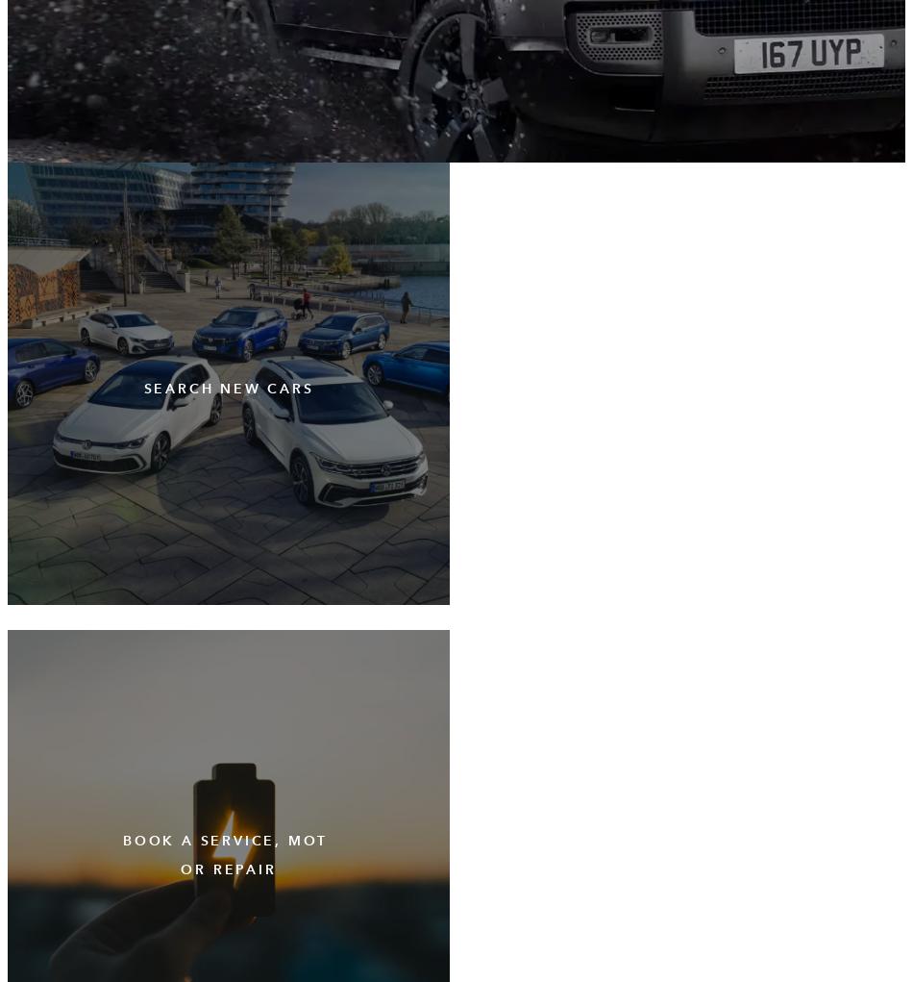  Describe the element at coordinates (114, 702) in the screenshot. I see `'Registered number: 1192572'` at that location.